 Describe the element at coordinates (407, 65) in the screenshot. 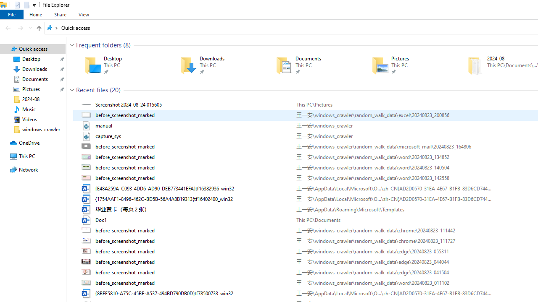

I see `'Pictures'` at that location.